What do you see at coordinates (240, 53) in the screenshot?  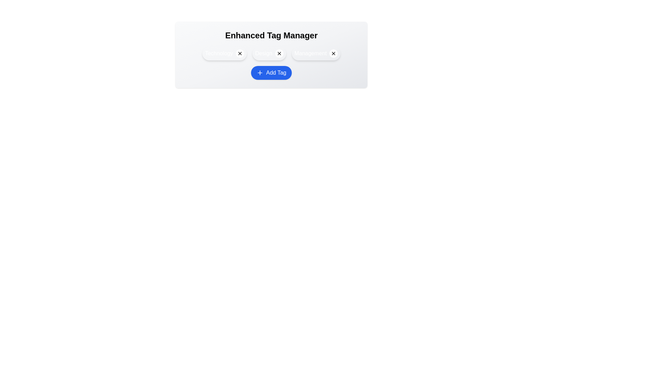 I see `close button of the tag labeled 'Technology' to remove it` at bounding box center [240, 53].